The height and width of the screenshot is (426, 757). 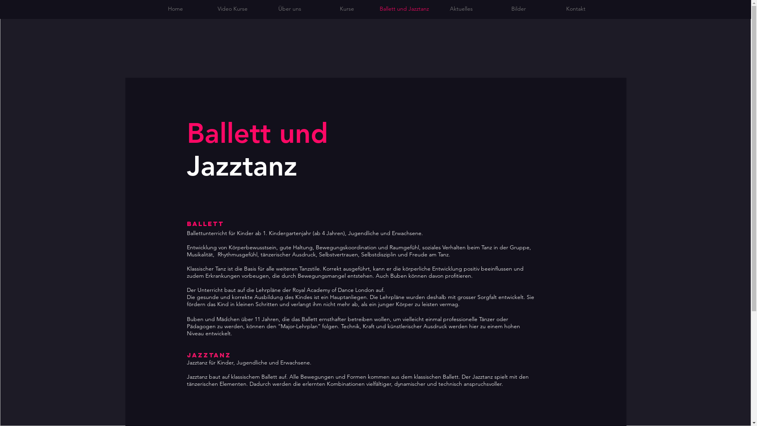 What do you see at coordinates (576, 9) in the screenshot?
I see `'Kontakt'` at bounding box center [576, 9].